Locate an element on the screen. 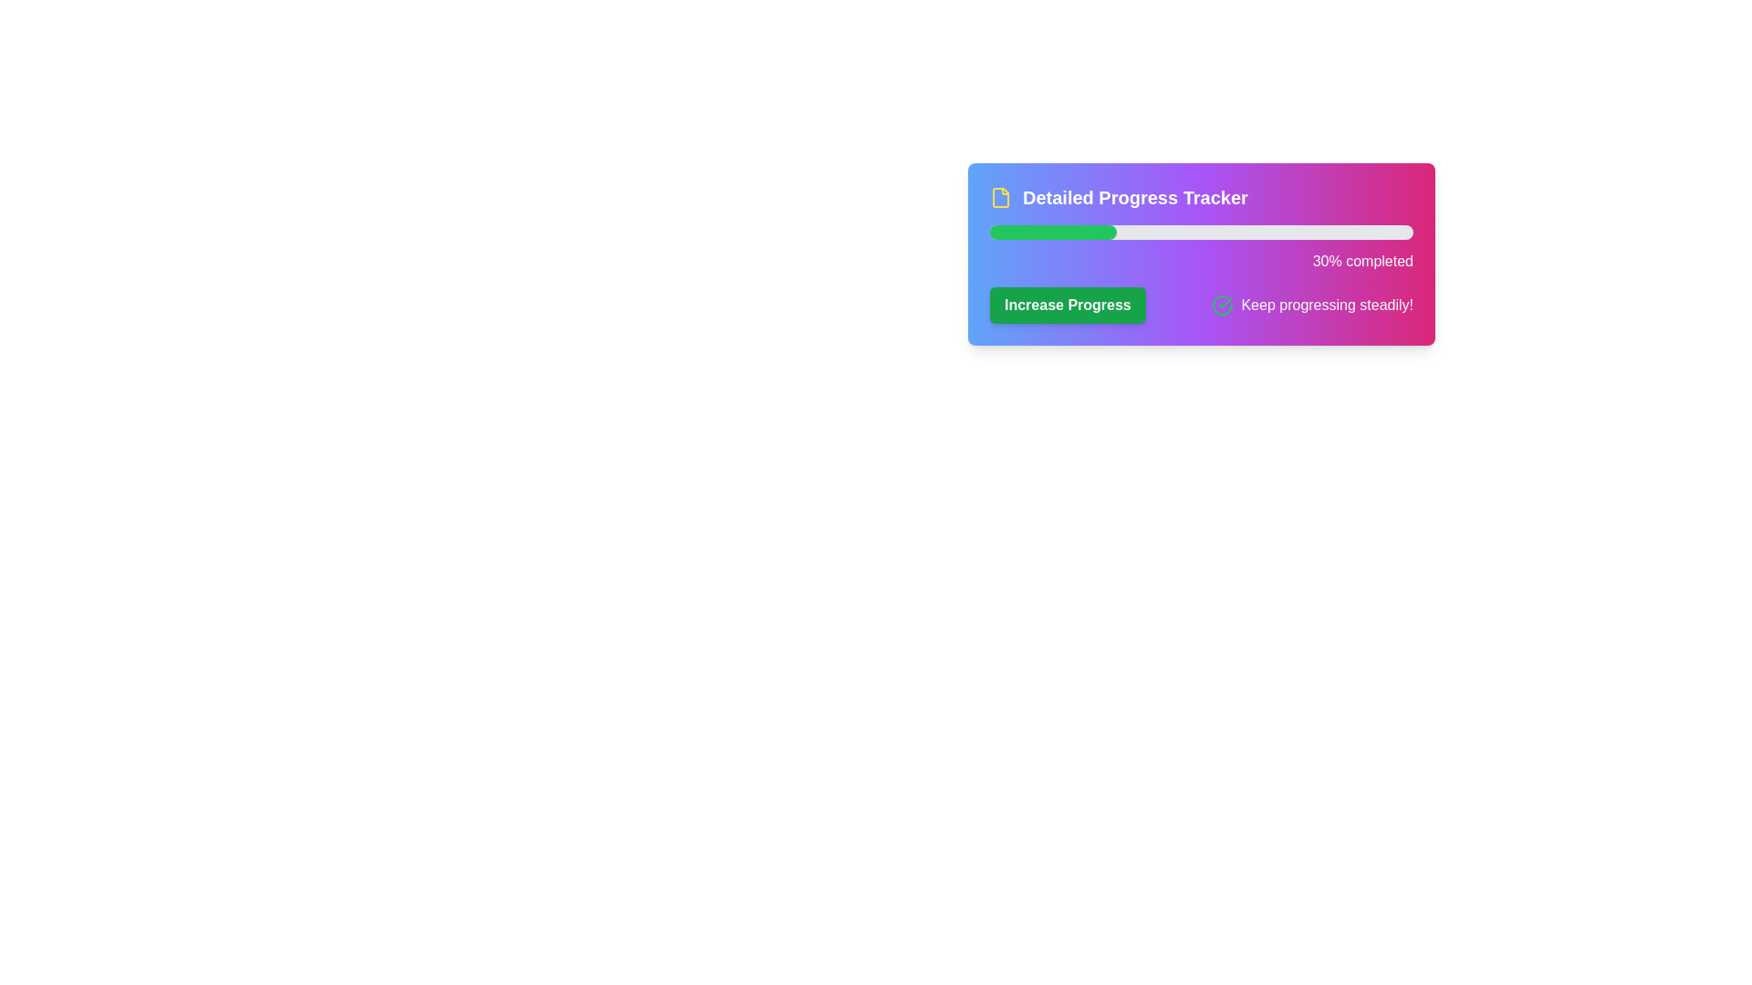 The height and width of the screenshot is (985, 1752). the Progress Bar located beneath the heading 'Detailed Progress Tracker' and above the buttons 'Increase Progress' and 'Keep progressing steadily!' is located at coordinates (1201, 249).